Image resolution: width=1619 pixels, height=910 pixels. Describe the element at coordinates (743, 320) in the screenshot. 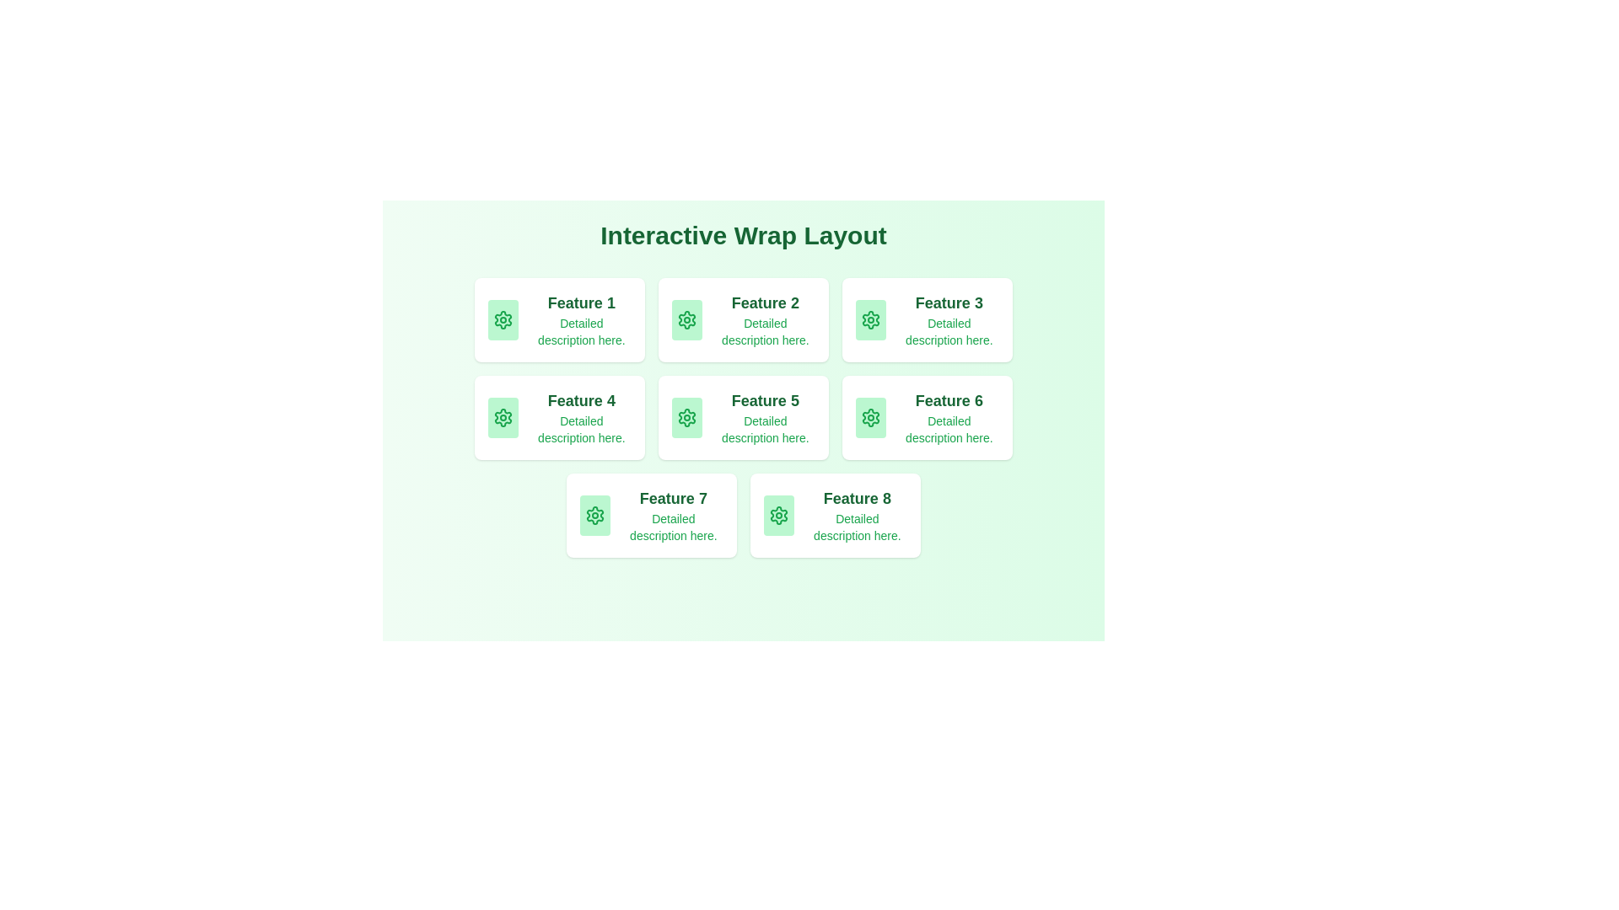

I see `the 'Feature 2' card component, which includes a green icon and the text 'Feature 2', located in the first row and second column of the grid layout` at that location.